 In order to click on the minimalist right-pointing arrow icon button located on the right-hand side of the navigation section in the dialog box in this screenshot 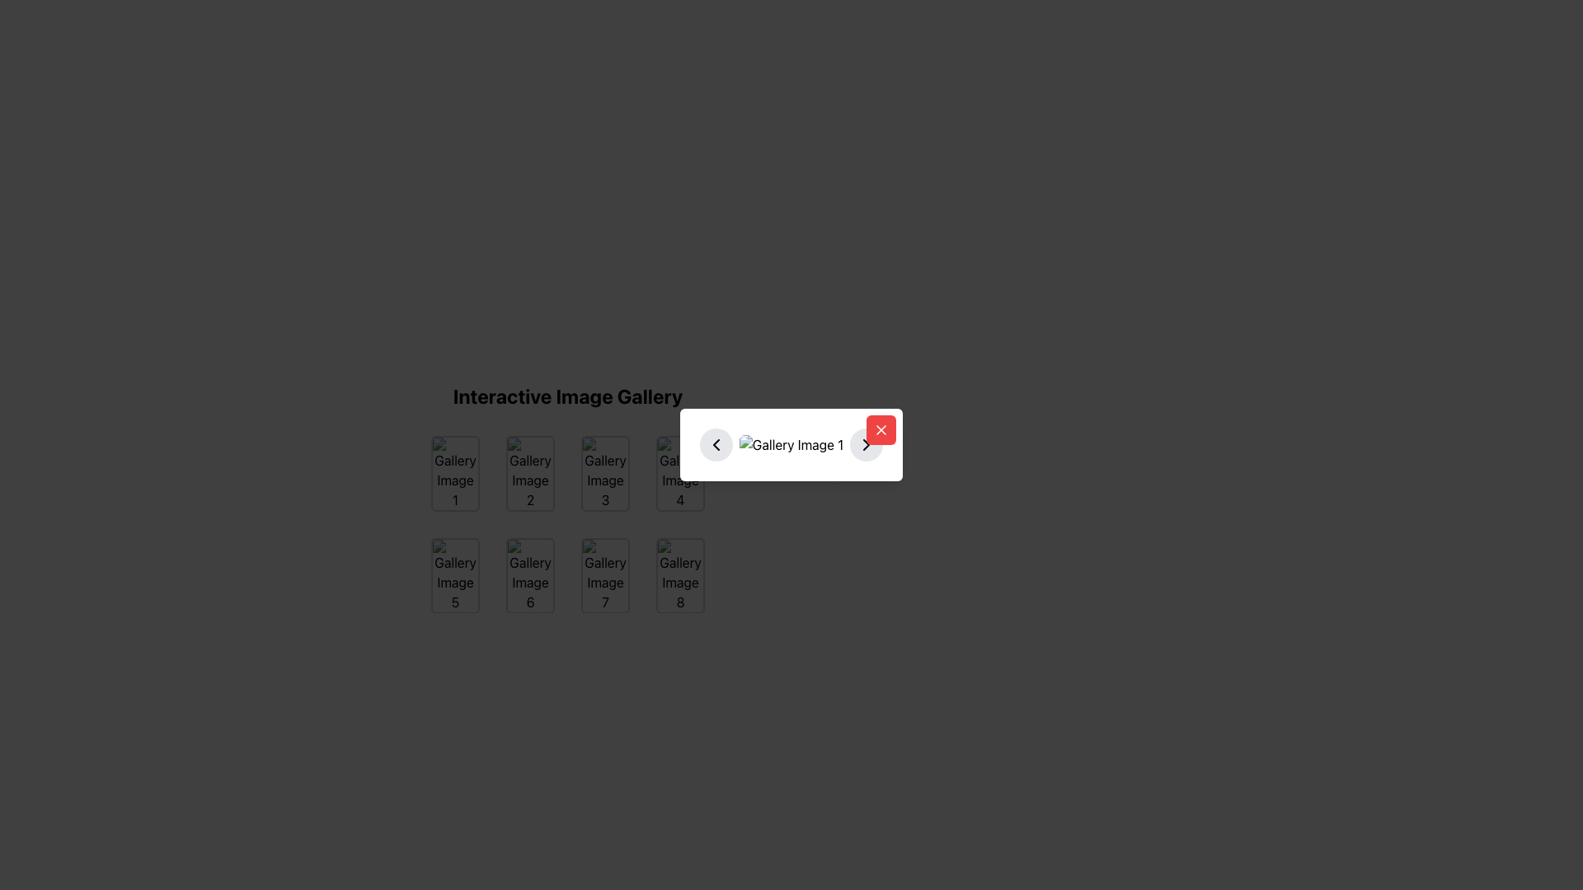, I will do `click(866, 445)`.